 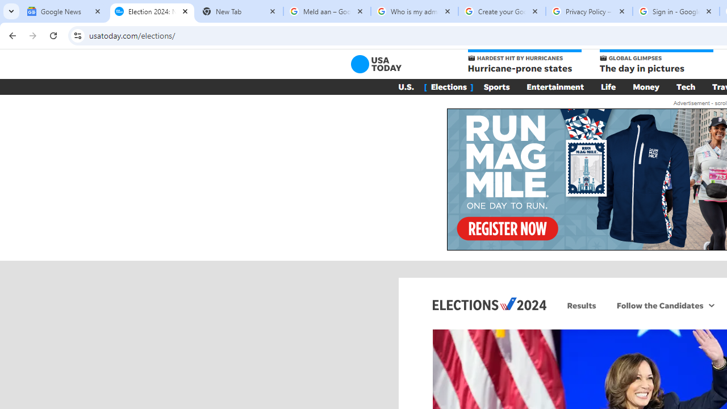 I want to click on 'USA TODAY', so click(x=375, y=64).